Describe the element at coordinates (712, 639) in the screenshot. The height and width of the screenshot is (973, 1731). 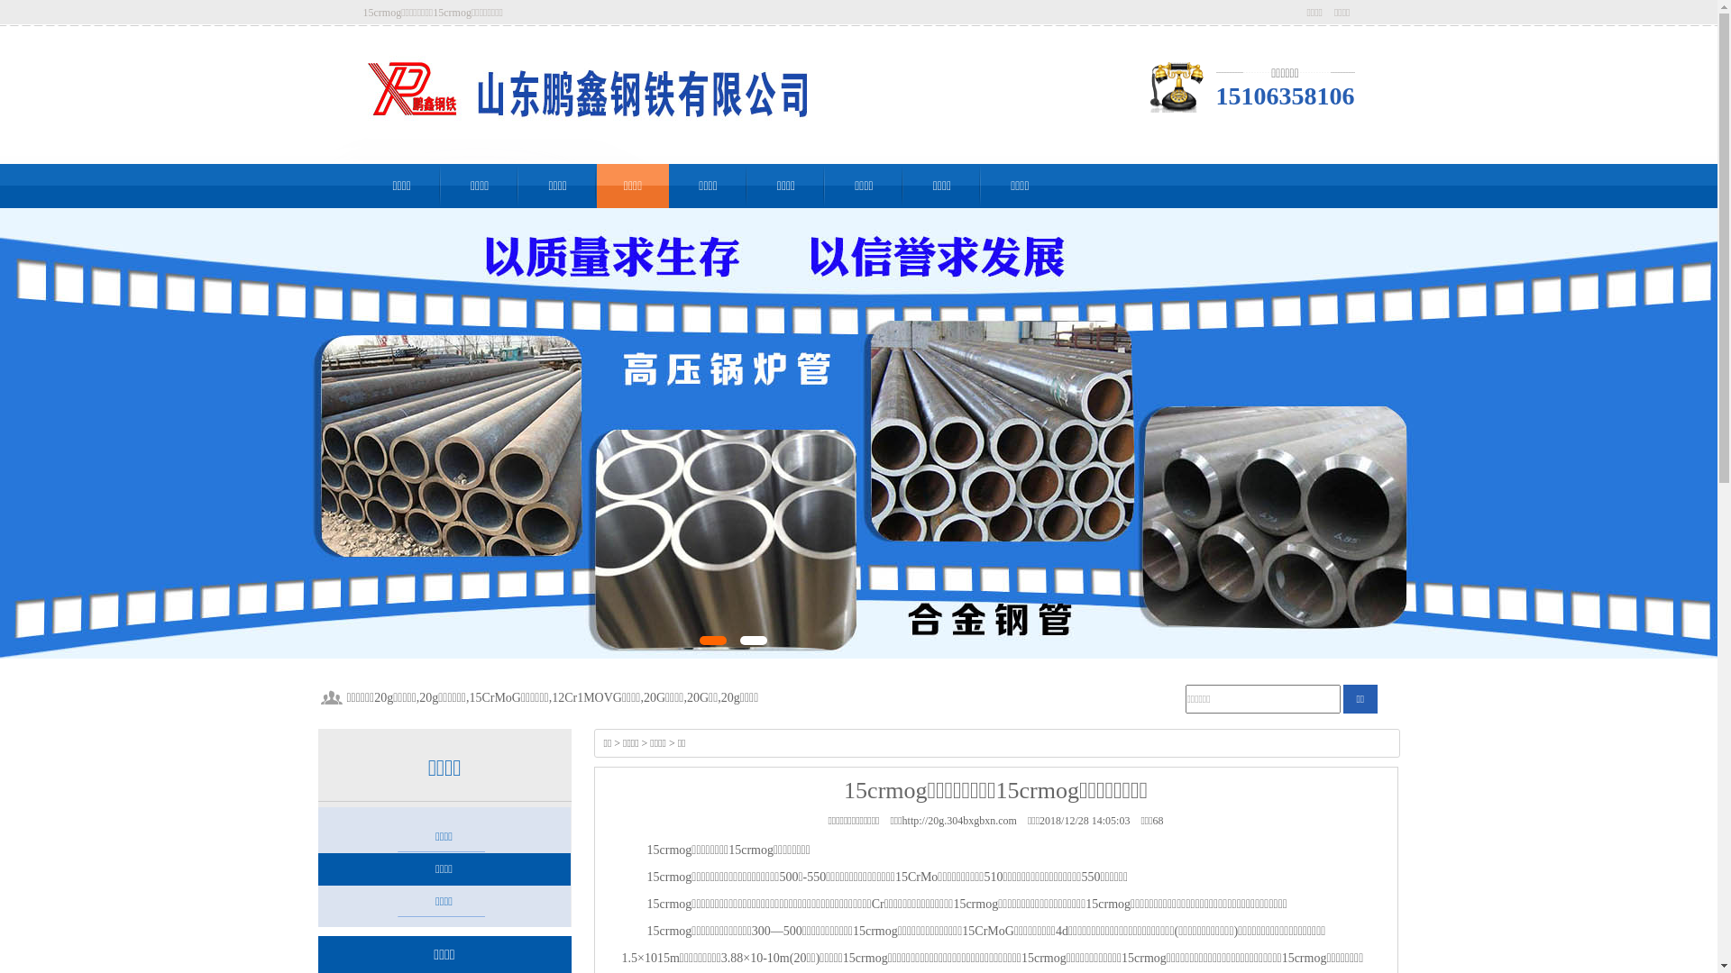
I see `'1'` at that location.